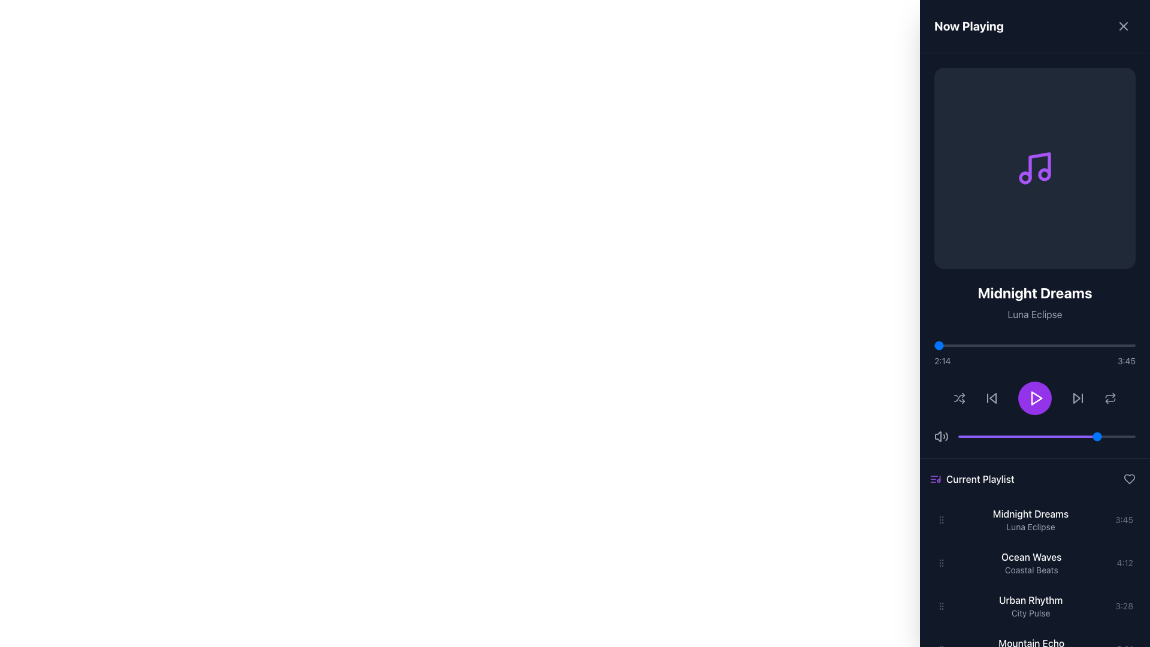  Describe the element at coordinates (1034, 350) in the screenshot. I see `the progress bar with time indicators located below the song title 'Midnight Dreams' and artist name 'Luna Eclipse'` at that location.